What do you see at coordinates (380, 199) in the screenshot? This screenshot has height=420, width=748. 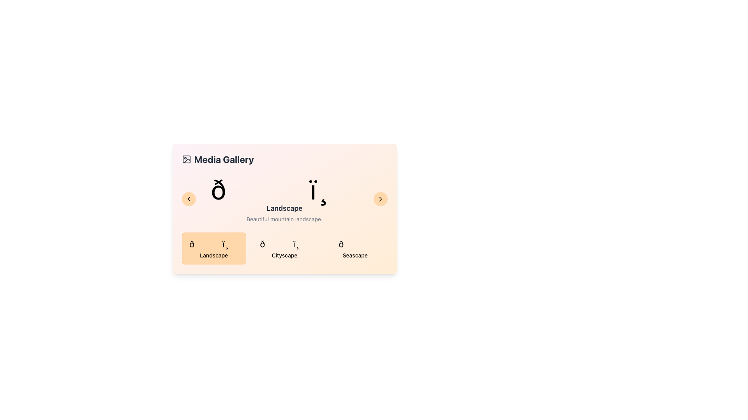 I see `the circular button with a chevron-right arrow icon, styled with a light orange background` at bounding box center [380, 199].